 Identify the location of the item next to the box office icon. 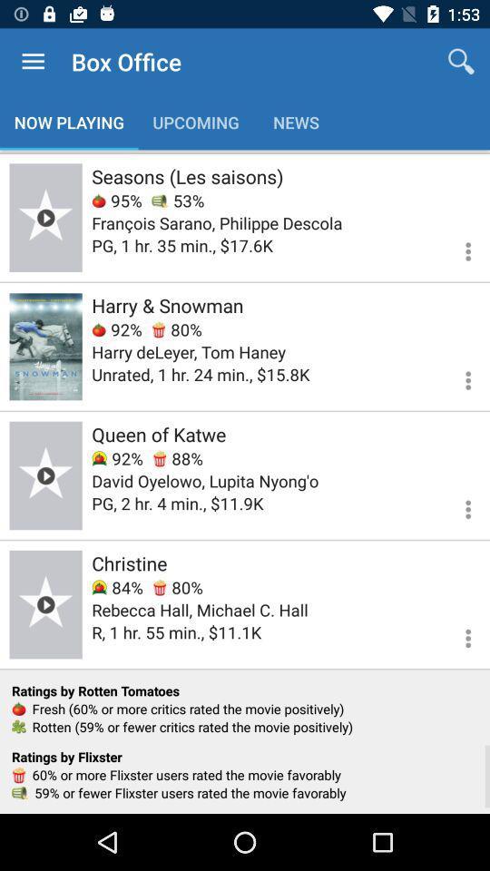
(461, 62).